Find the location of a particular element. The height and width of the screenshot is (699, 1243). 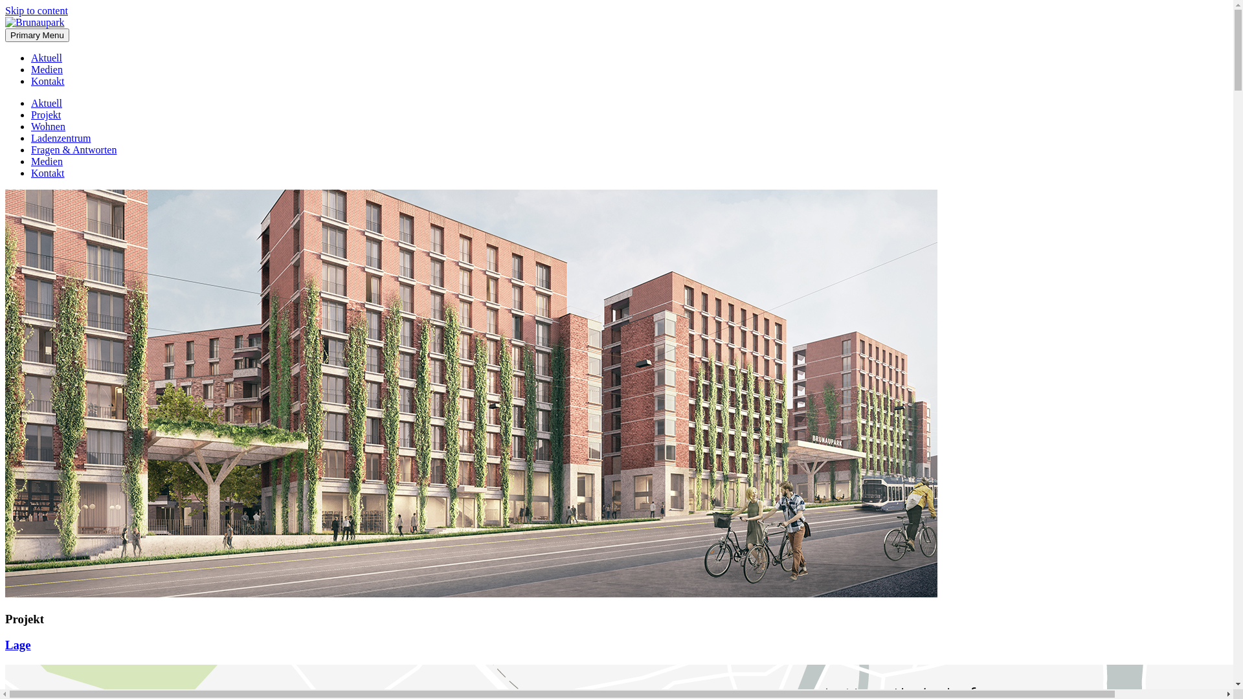

'Ladenzentrum' is located at coordinates (60, 138).